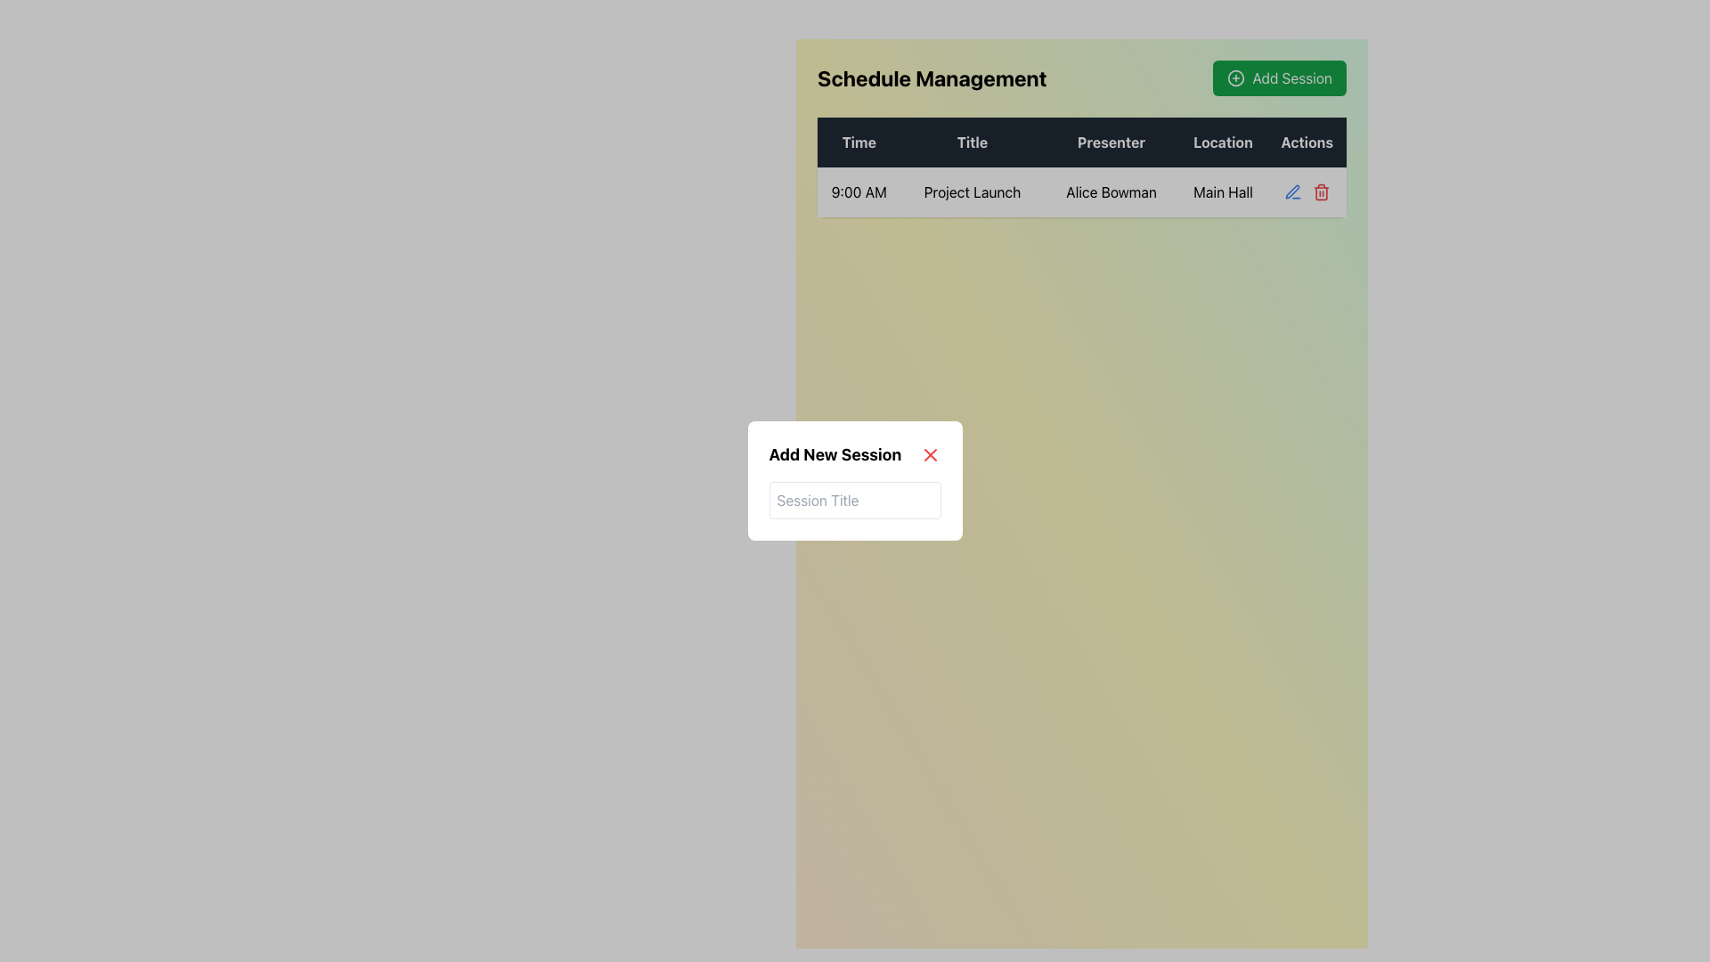 The height and width of the screenshot is (962, 1710). What do you see at coordinates (1307, 192) in the screenshot?
I see `the deletion button in the 'Actions' column of the table row, which is the second interactive icon, right-aligned and positioned next to a blue pencil icon` at bounding box center [1307, 192].